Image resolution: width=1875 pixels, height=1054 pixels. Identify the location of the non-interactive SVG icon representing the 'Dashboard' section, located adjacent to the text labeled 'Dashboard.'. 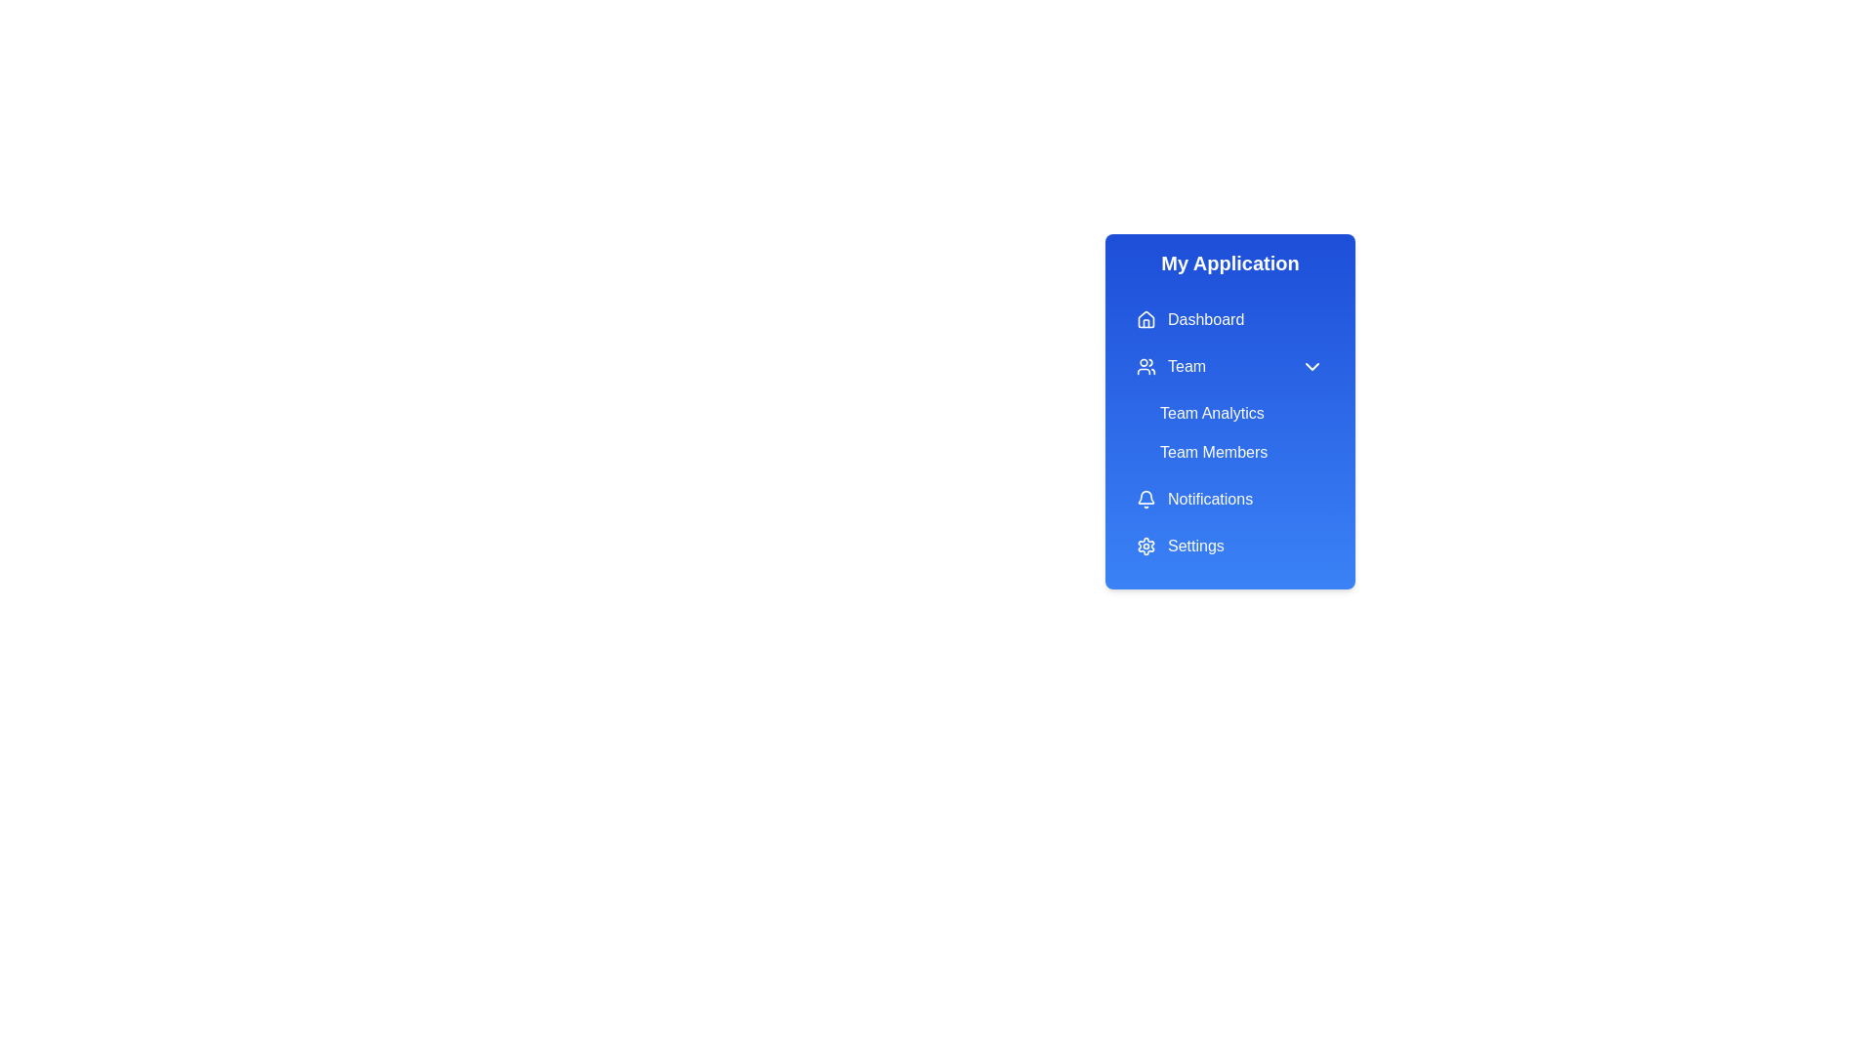
(1146, 318).